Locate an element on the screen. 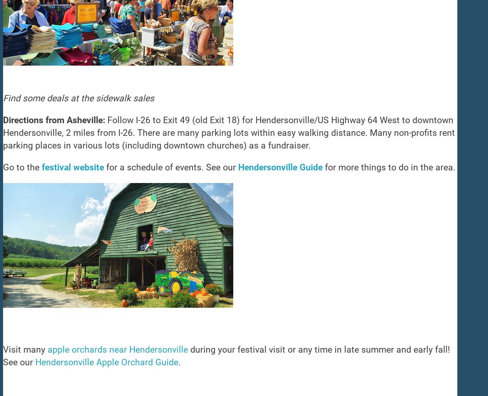  'for more things to do in the area.' is located at coordinates (389, 167).